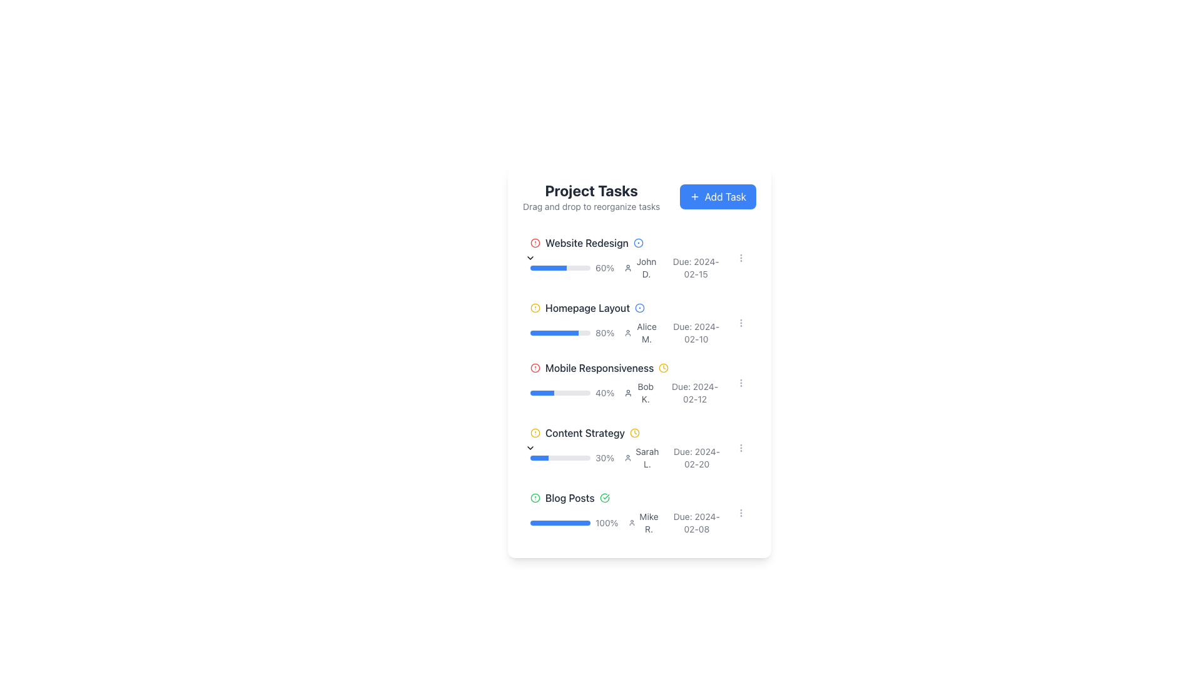 This screenshot has height=675, width=1201. What do you see at coordinates (649, 523) in the screenshot?
I see `the static text label indicating the assignee for the 'Blog Posts' task` at bounding box center [649, 523].